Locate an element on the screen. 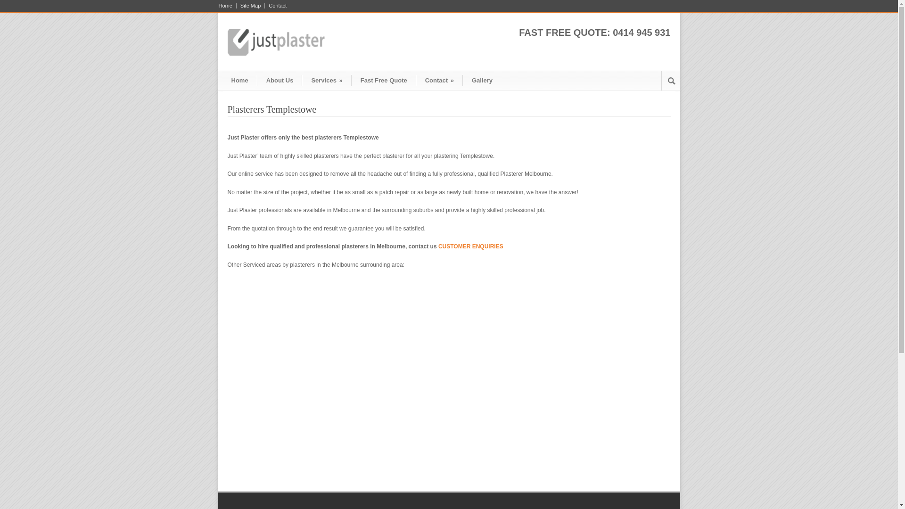 This screenshot has height=509, width=905. 'Contact' is located at coordinates (275, 6).